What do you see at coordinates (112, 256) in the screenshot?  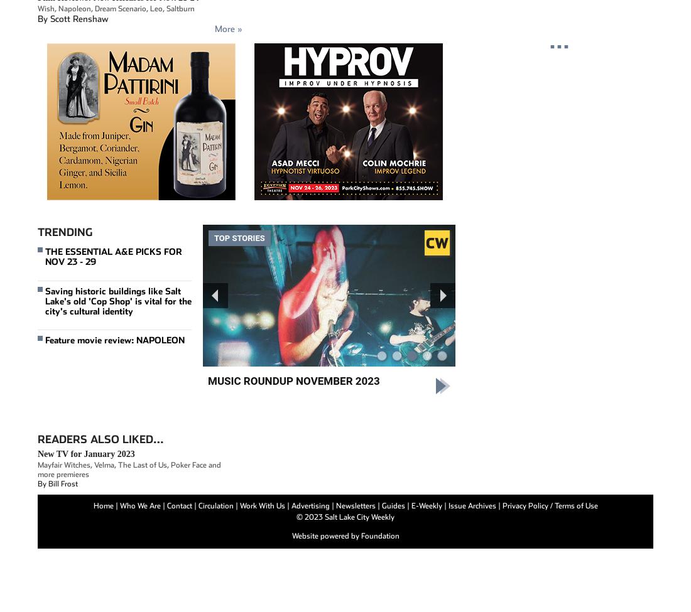 I see `'THE ESSENTIAL A&E PICKS FOR NOV 23 - 29'` at bounding box center [112, 256].